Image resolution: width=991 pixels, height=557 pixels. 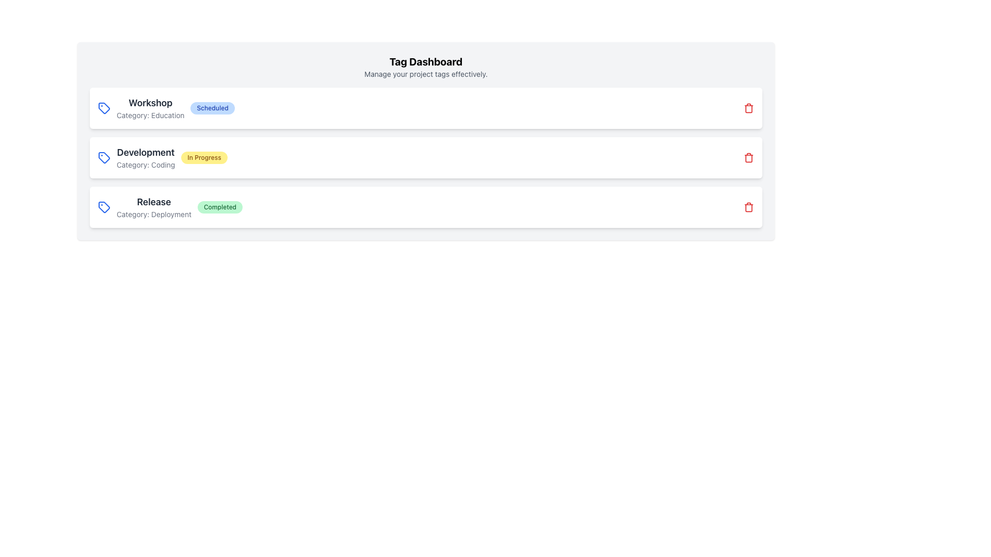 What do you see at coordinates (748, 108) in the screenshot?
I see `the delete button located at the far right of the 'Workshop' card to initiate a removal action` at bounding box center [748, 108].